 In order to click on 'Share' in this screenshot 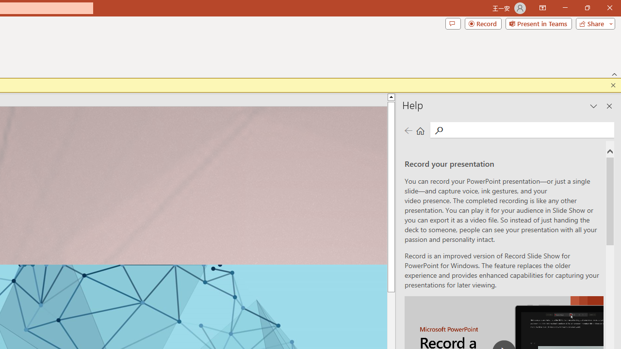, I will do `click(593, 23)`.